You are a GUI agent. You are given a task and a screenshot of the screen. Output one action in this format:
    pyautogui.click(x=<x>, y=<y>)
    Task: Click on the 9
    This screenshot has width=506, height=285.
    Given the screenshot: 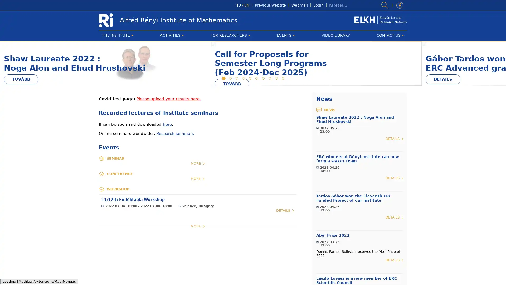 What is the action you would take?
    pyautogui.click(x=276, y=139)
    